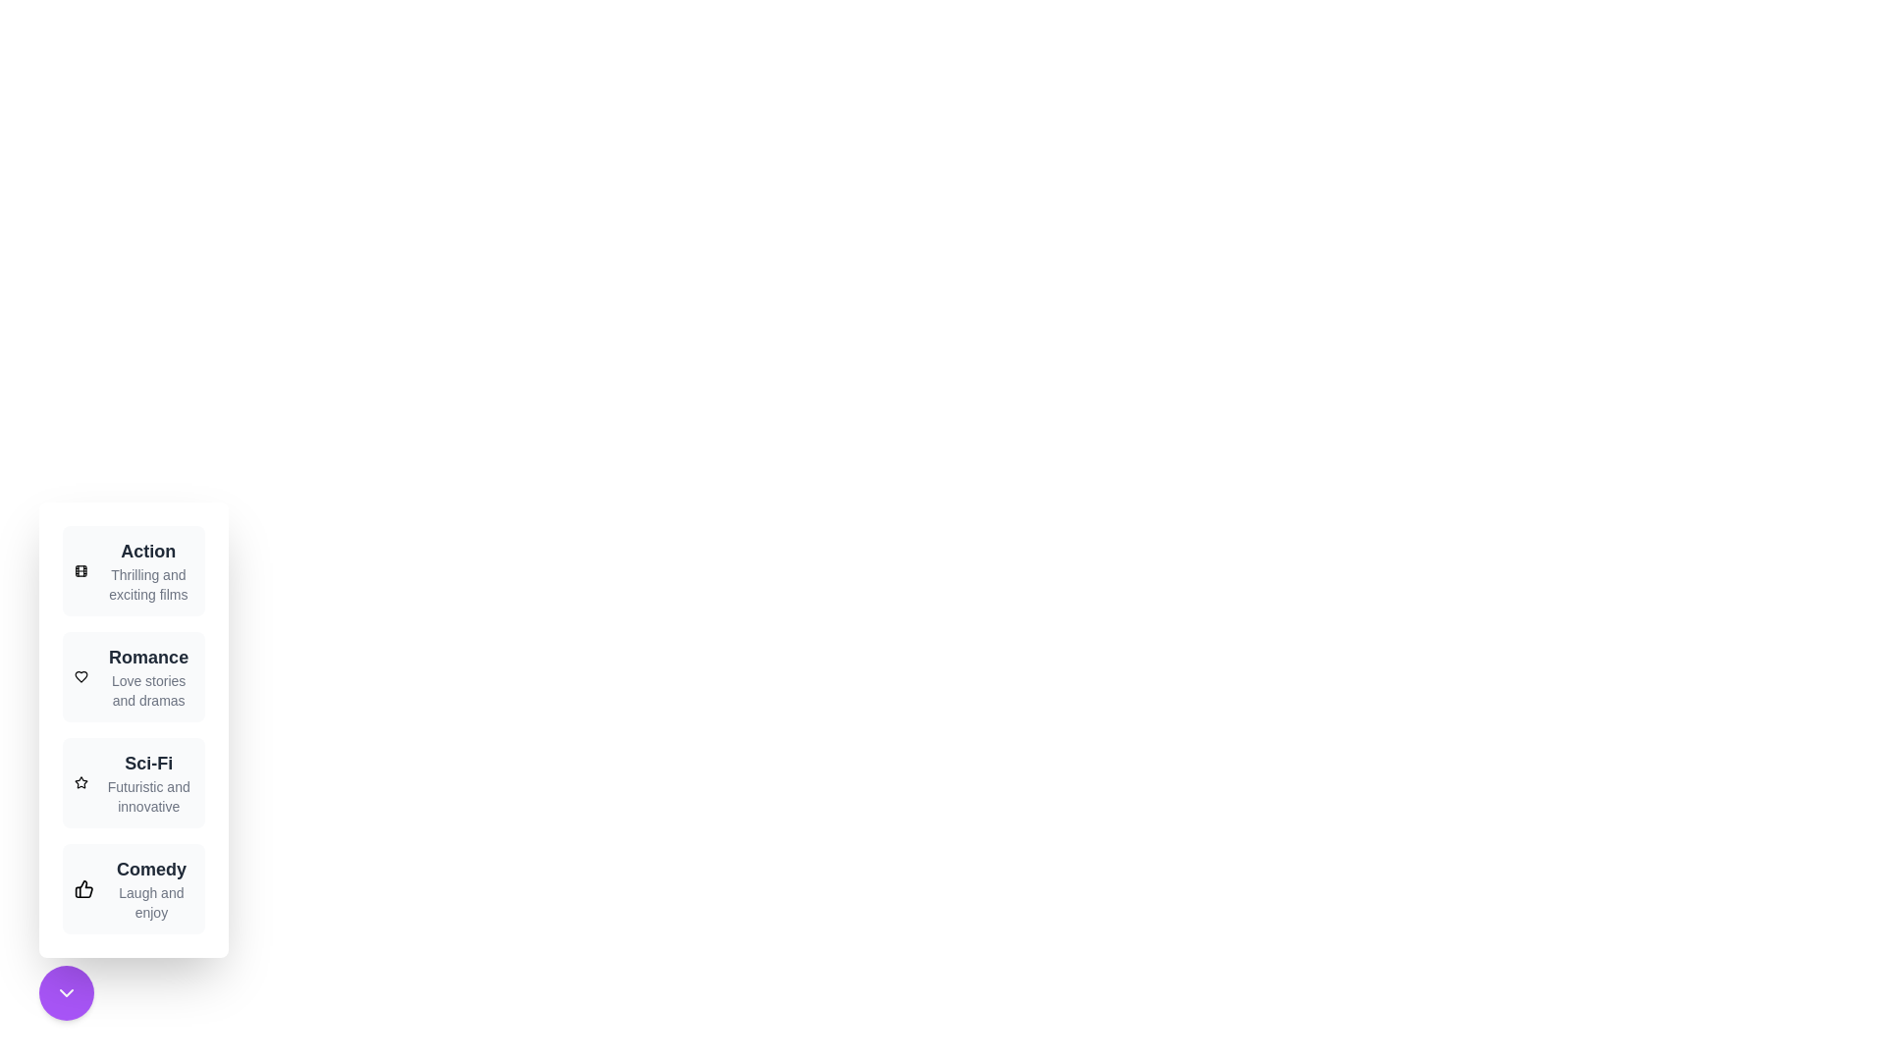  What do you see at coordinates (133, 571) in the screenshot?
I see `the genre Action from the menu` at bounding box center [133, 571].